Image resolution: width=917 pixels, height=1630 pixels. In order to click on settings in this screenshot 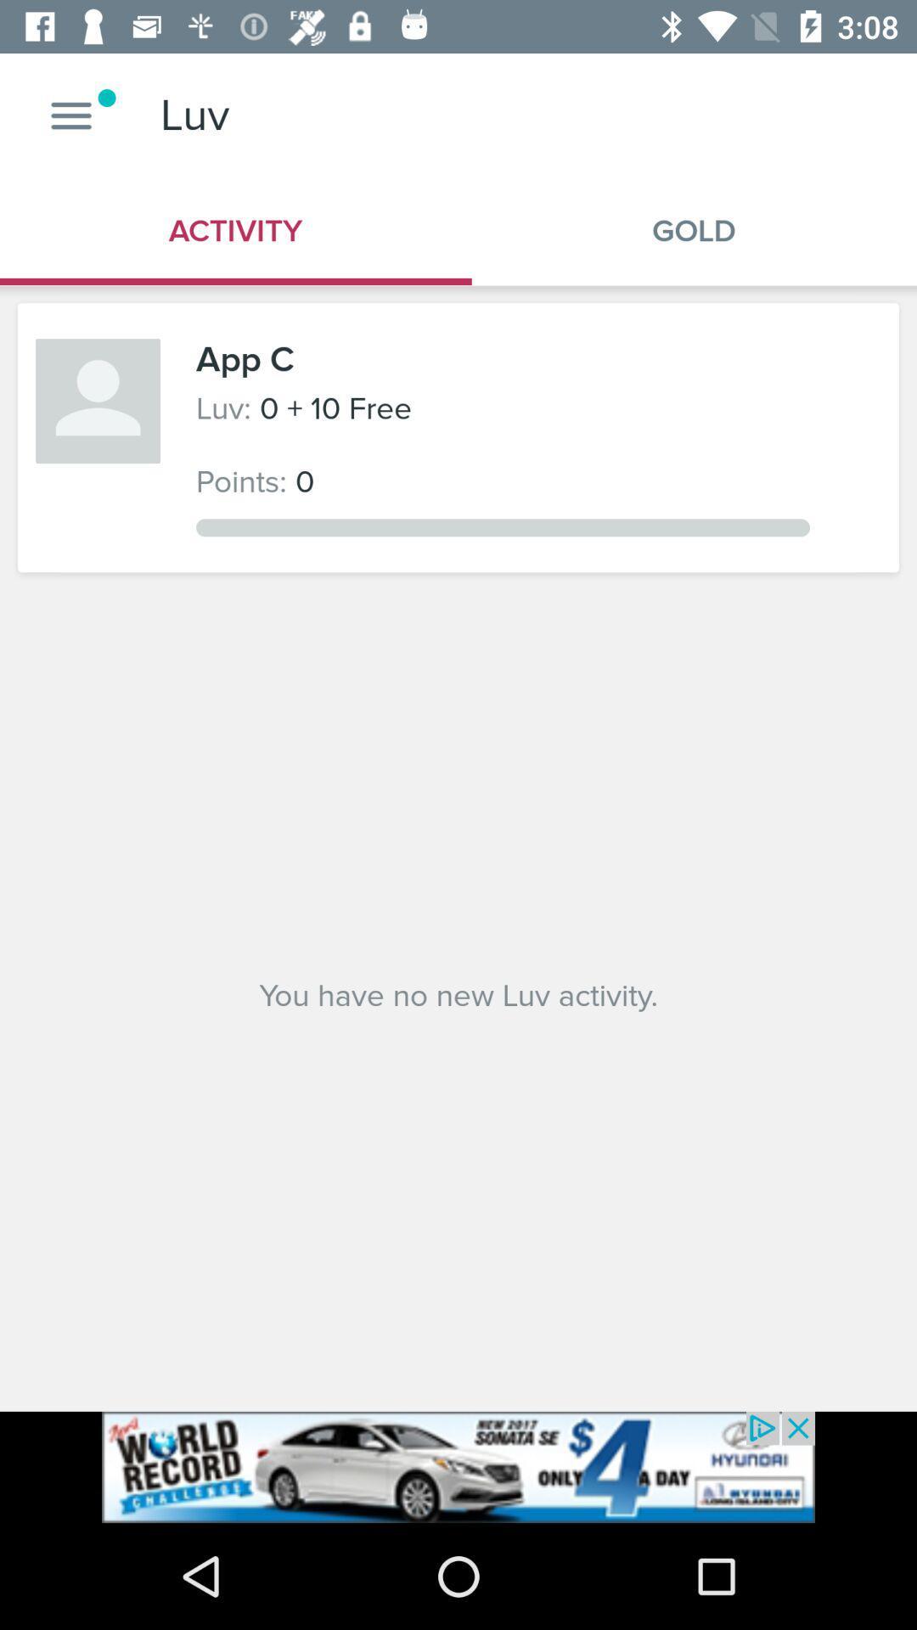, I will do `click(70, 115)`.